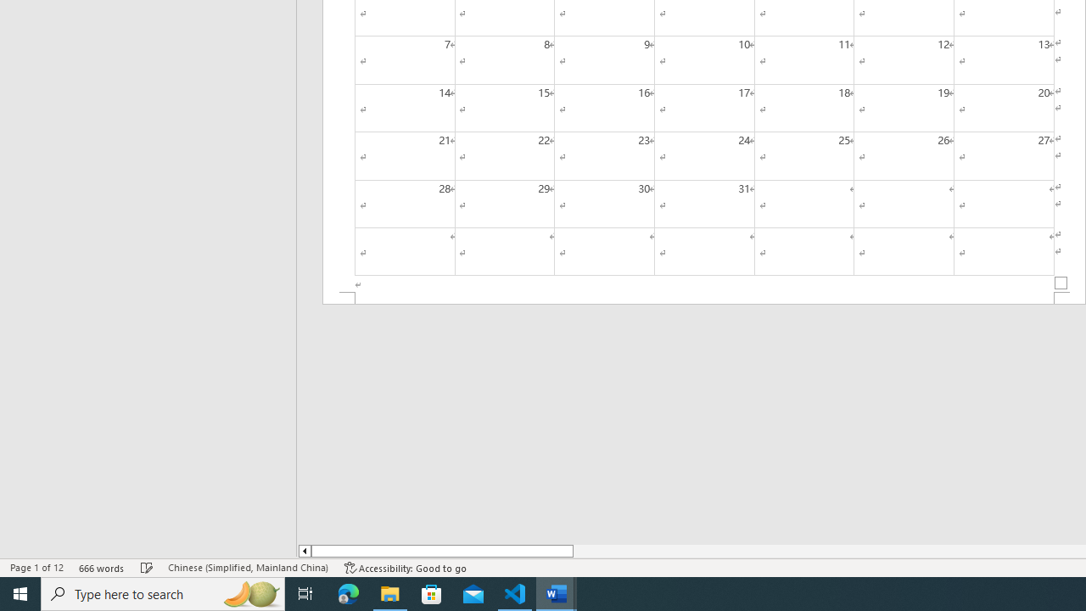 The image size is (1086, 611). I want to click on 'Accessibility Checker Accessibility: Good to go', so click(405, 568).